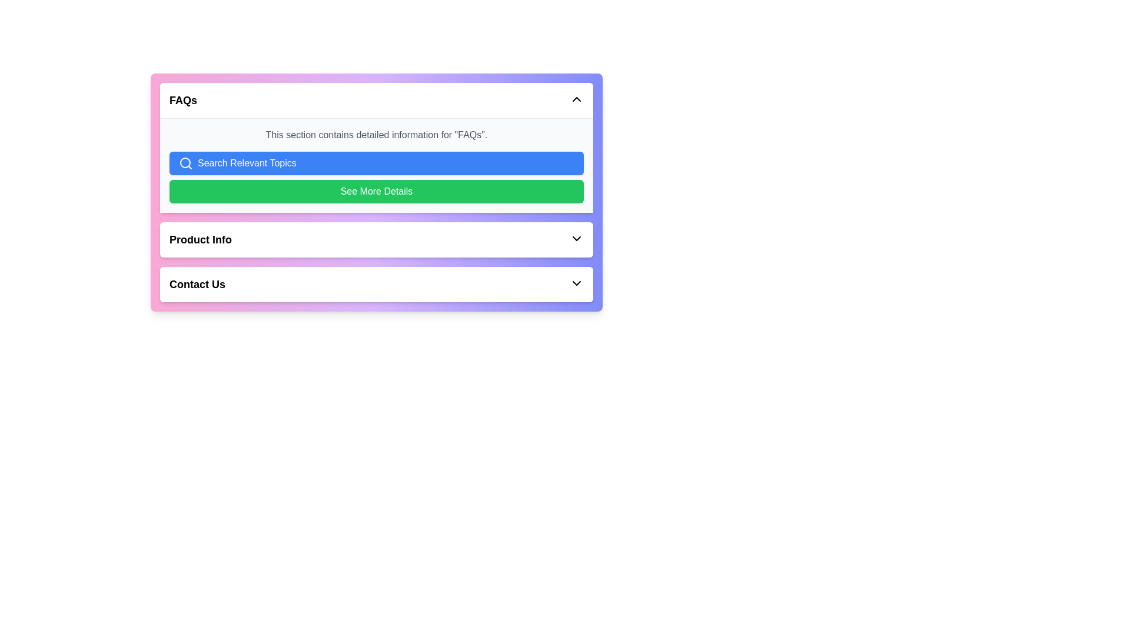  What do you see at coordinates (200, 239) in the screenshot?
I see `the 'Product Info' text label` at bounding box center [200, 239].